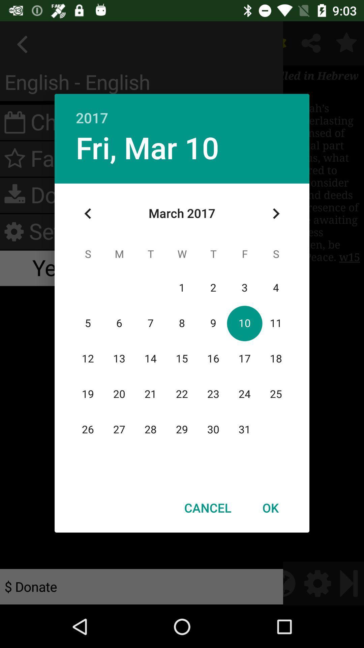 The height and width of the screenshot is (648, 364). I want to click on the app below 2017, so click(276, 213).